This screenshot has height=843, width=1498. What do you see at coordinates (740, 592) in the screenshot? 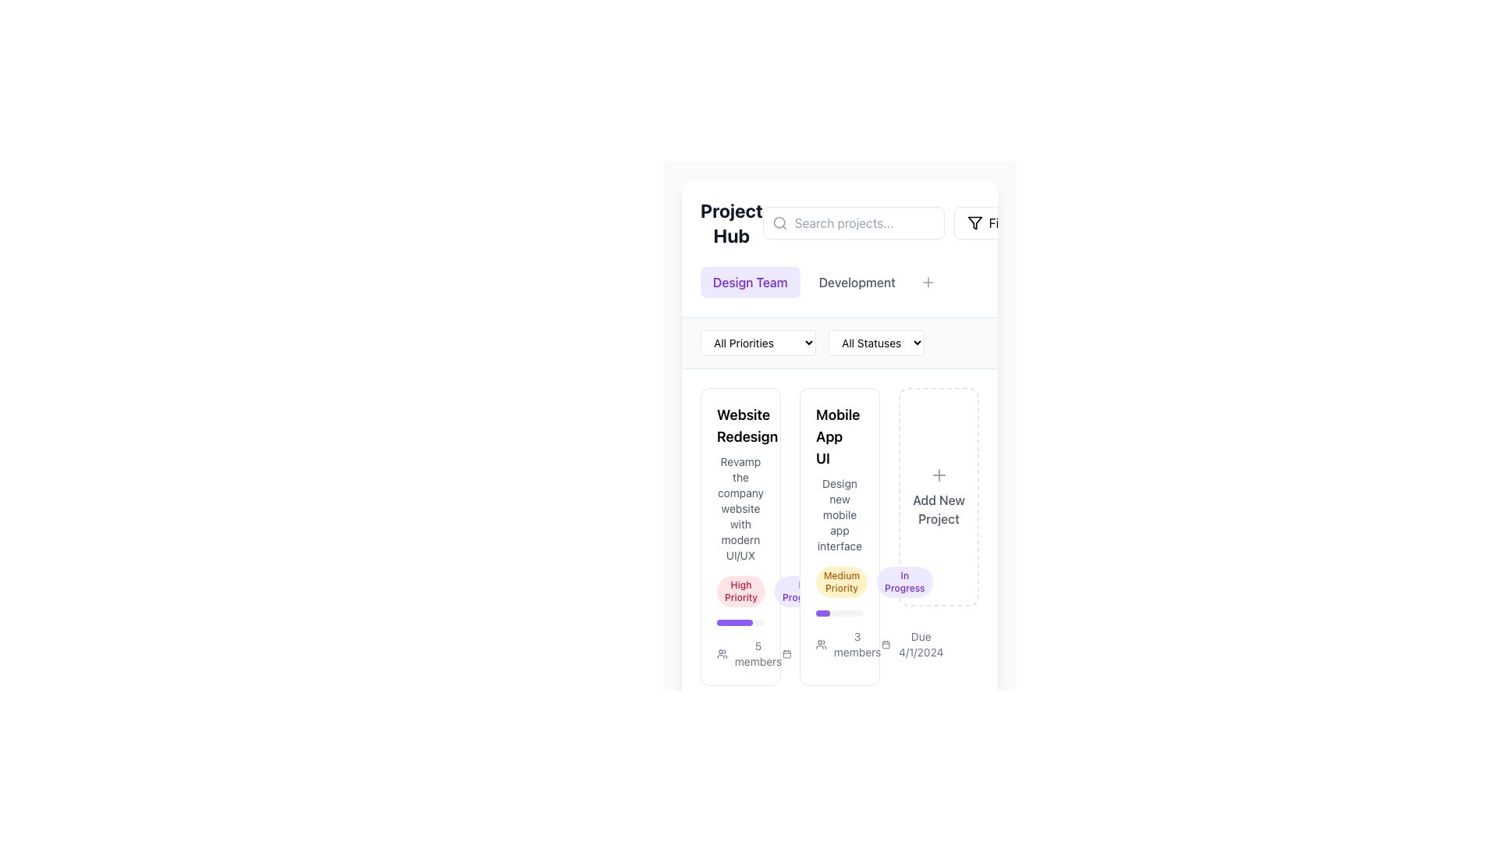
I see `the high priority tag or label located within the 'Website Redesign' project card in the 'Project Hub' interface, positioned to the left of the 'In Progress' label` at bounding box center [740, 592].